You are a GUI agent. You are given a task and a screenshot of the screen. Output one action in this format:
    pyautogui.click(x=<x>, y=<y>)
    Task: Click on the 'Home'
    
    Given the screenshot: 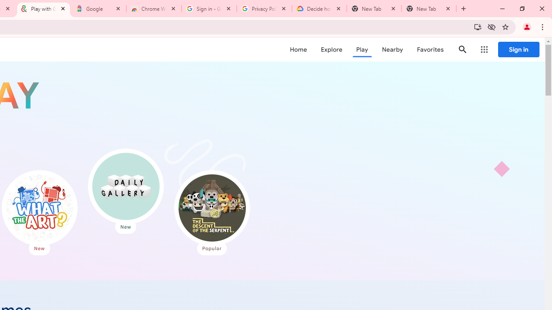 What is the action you would take?
    pyautogui.click(x=298, y=50)
    